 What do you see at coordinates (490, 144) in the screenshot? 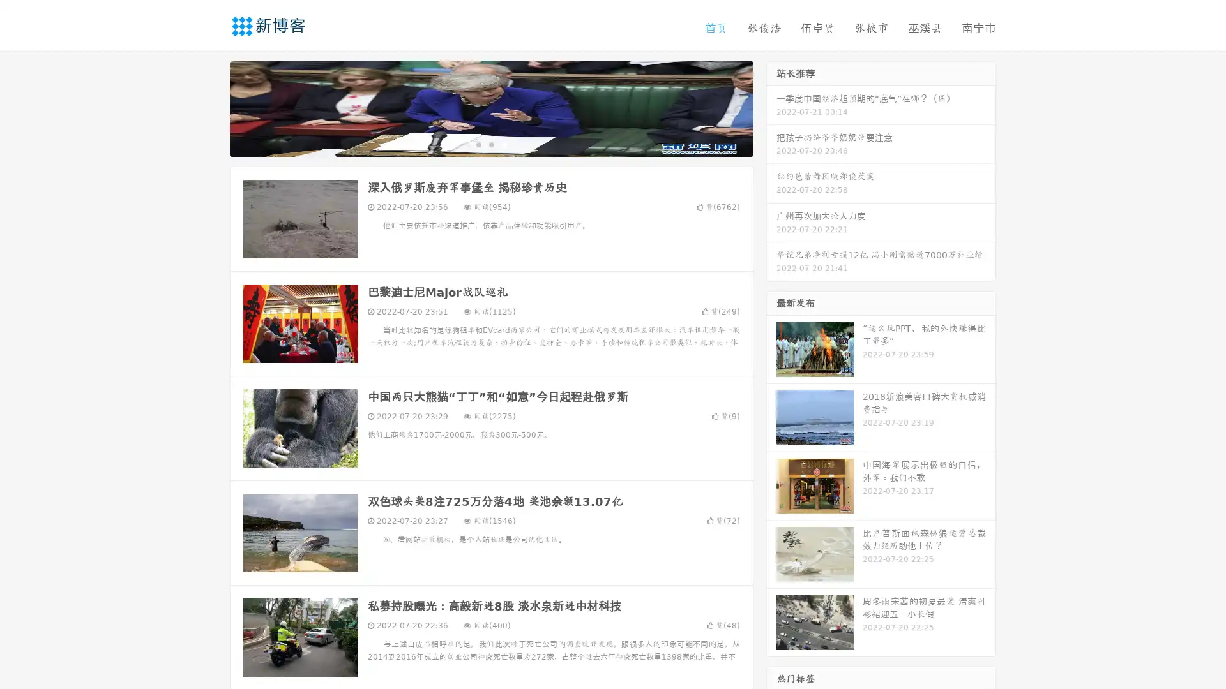
I see `Go to slide 2` at bounding box center [490, 144].